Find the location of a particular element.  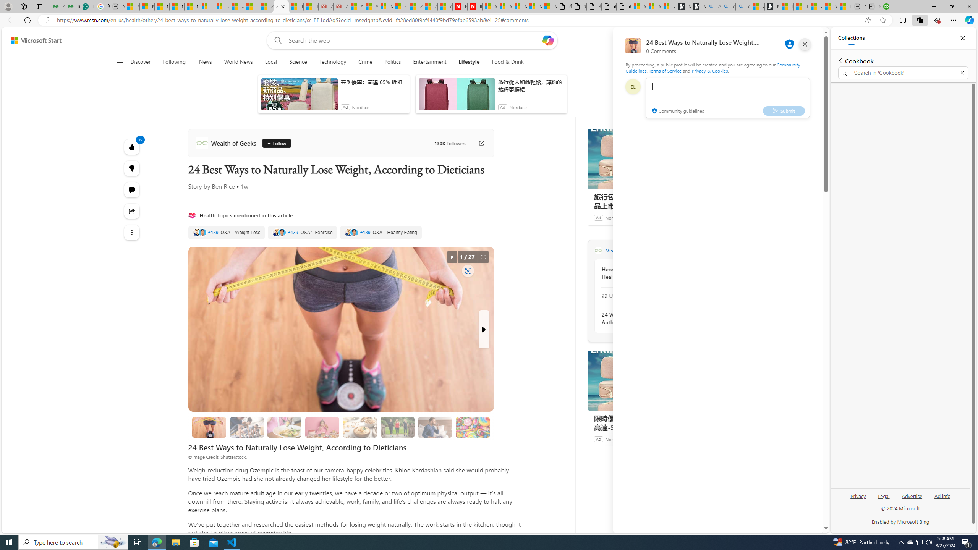

'CNN - MSN' is located at coordinates (816, 6).